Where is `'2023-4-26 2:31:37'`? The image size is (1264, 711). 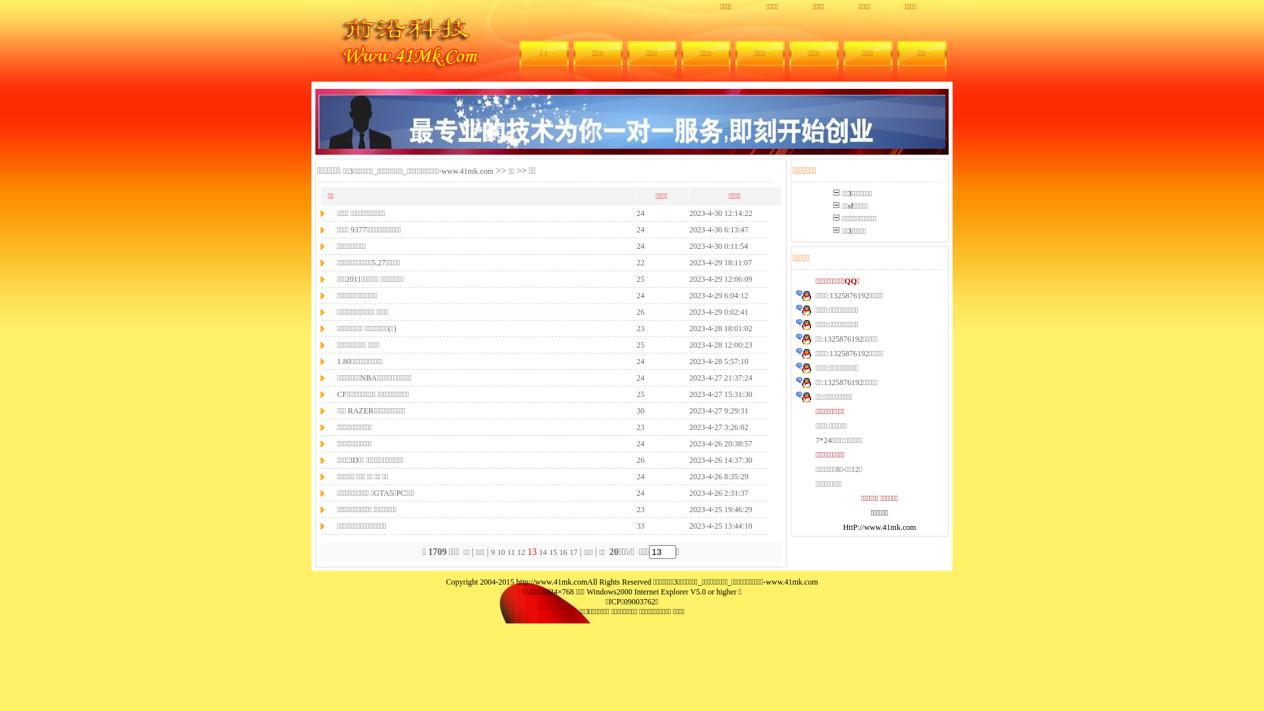 '2023-4-26 2:31:37' is located at coordinates (718, 492).